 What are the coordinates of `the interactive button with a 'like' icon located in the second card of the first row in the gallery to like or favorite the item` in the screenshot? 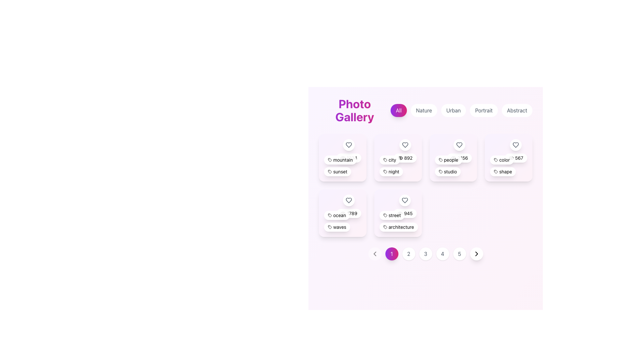 It's located at (405, 144).